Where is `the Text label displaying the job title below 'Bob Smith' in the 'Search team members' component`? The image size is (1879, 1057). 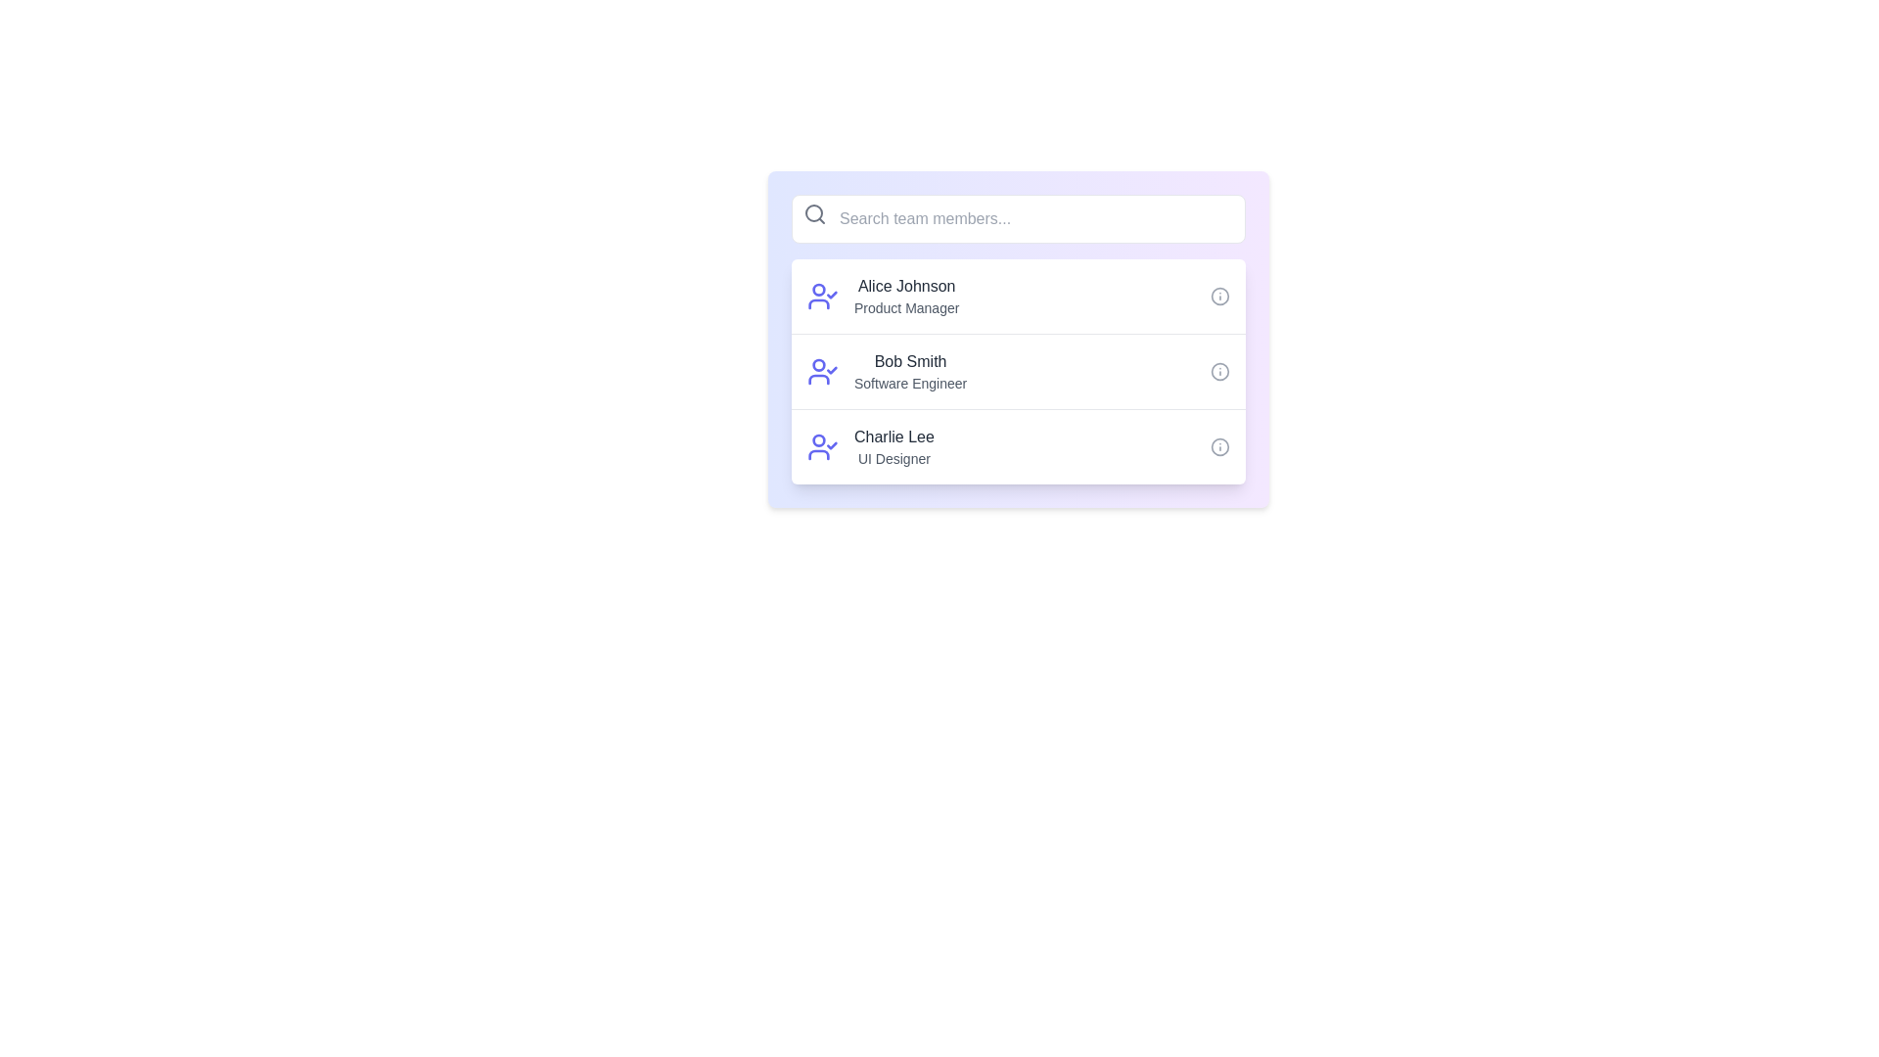 the Text label displaying the job title below 'Bob Smith' in the 'Search team members' component is located at coordinates (909, 384).